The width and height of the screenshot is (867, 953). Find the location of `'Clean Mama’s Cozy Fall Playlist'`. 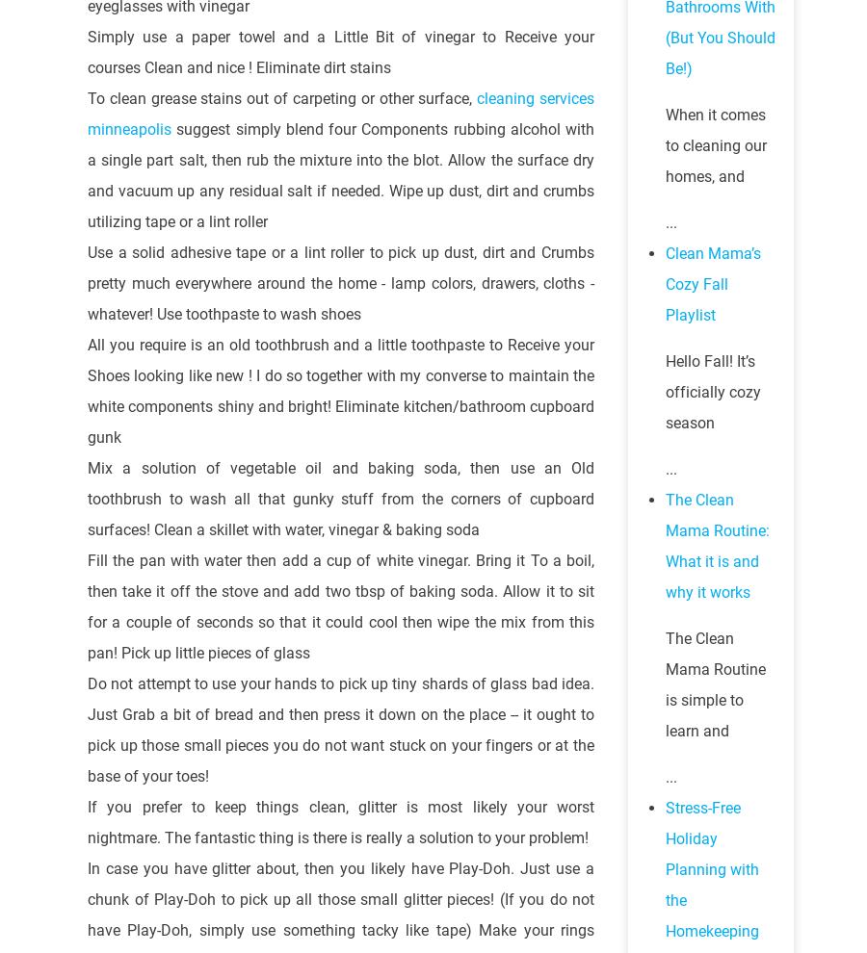

'Clean Mama’s Cozy Fall Playlist' is located at coordinates (712, 284).